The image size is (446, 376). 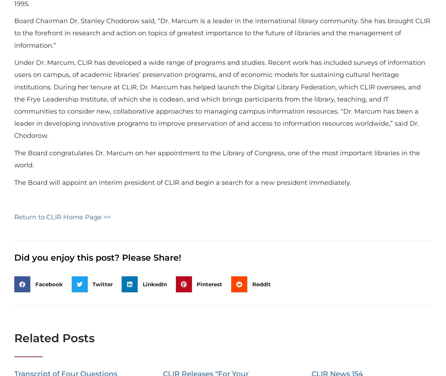 I want to click on 'Pinterest', so click(x=209, y=284).